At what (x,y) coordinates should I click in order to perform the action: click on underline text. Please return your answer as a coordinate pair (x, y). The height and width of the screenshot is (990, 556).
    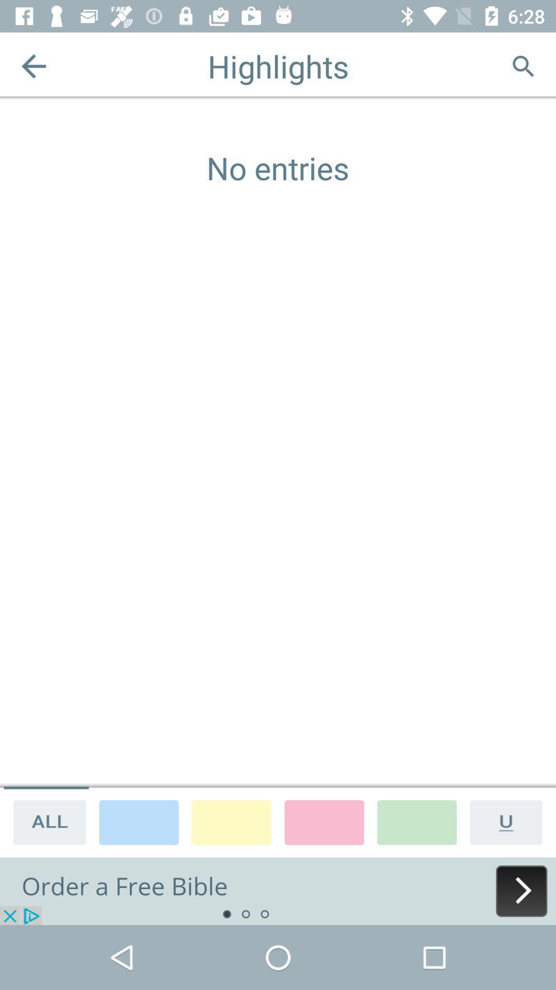
    Looking at the image, I should click on (510, 821).